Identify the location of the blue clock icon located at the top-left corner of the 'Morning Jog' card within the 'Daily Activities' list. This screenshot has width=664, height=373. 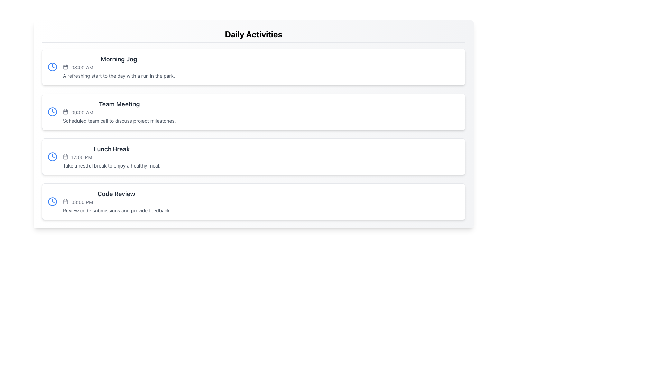
(52, 67).